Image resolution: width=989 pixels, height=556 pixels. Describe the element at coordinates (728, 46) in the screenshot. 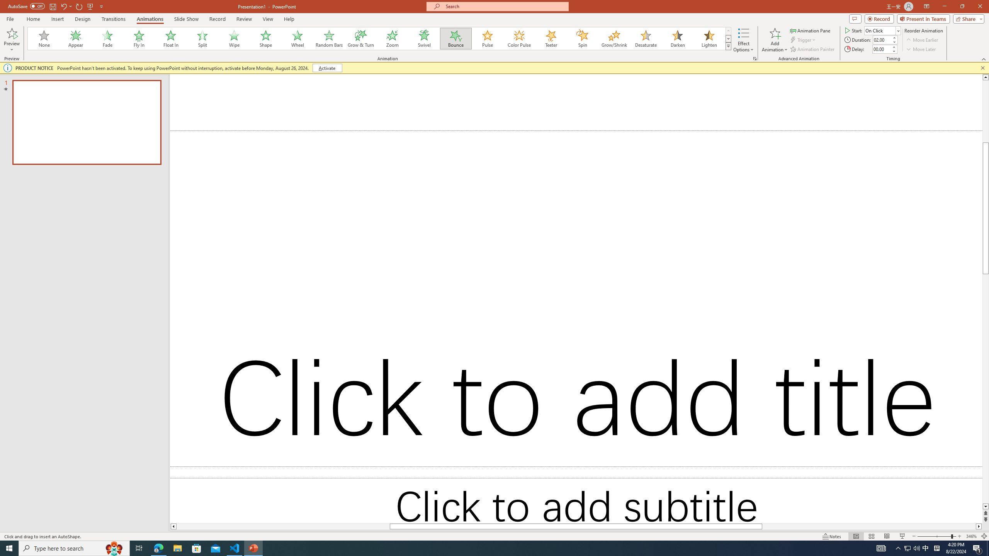

I see `'Class: NetUIImage'` at that location.